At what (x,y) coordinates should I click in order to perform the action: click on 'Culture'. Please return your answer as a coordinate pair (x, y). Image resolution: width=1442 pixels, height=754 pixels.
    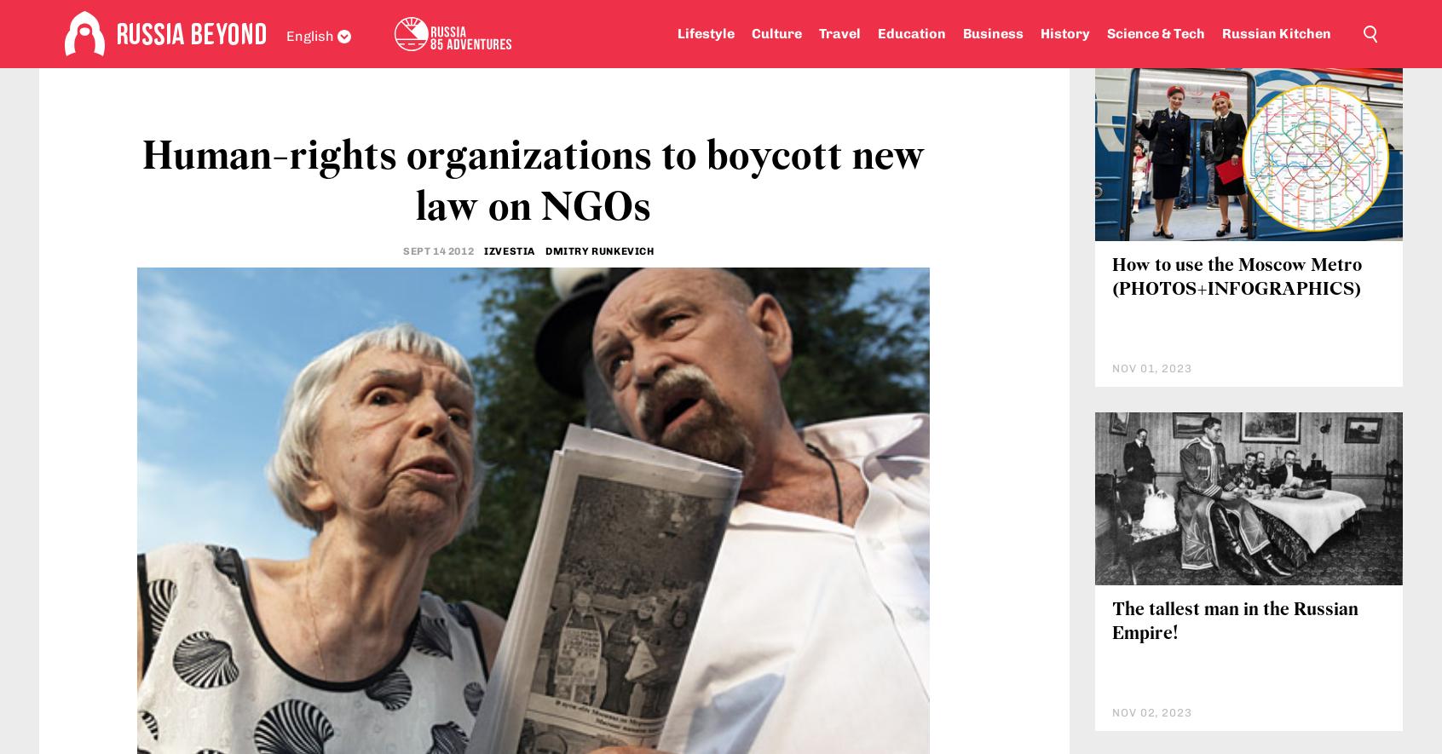
    Looking at the image, I should click on (775, 33).